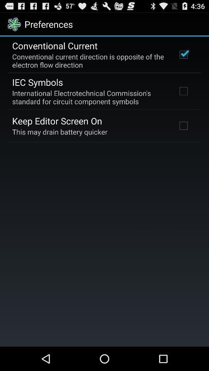 Image resolution: width=209 pixels, height=371 pixels. What do you see at coordinates (37, 82) in the screenshot?
I see `app above the international electrotechnical commission app` at bounding box center [37, 82].